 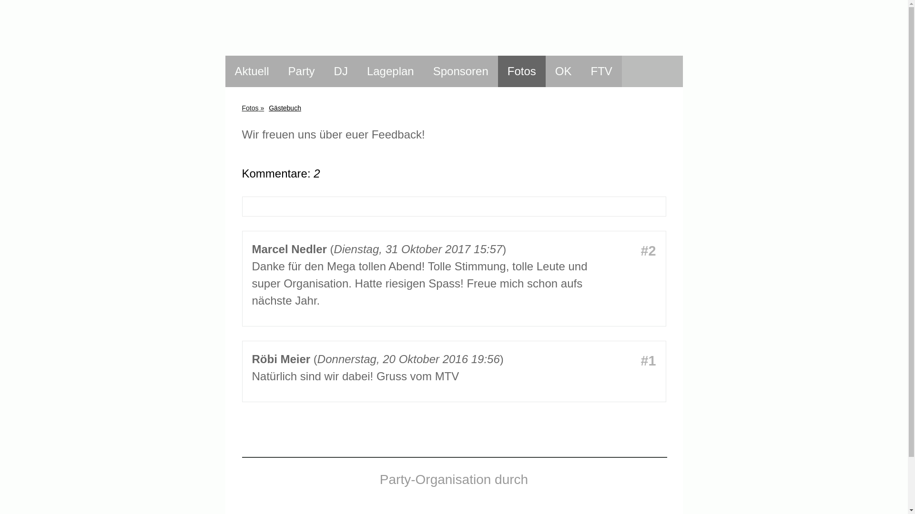 What do you see at coordinates (356, 71) in the screenshot?
I see `'Lageplan'` at bounding box center [356, 71].